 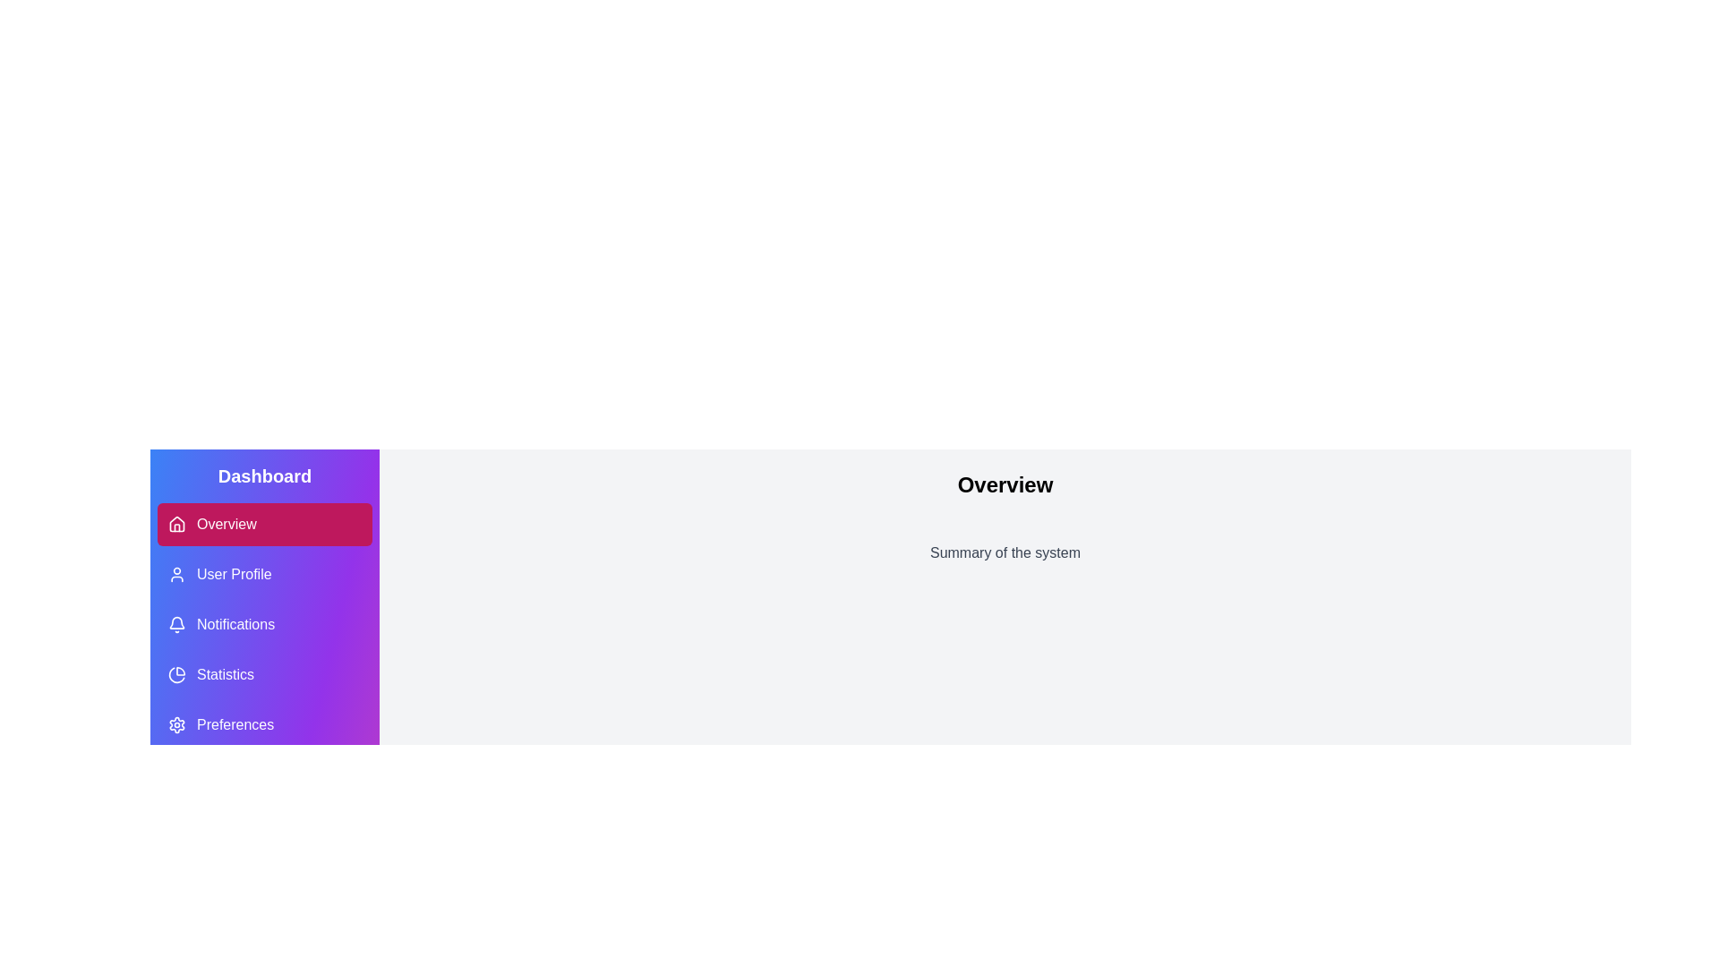 I want to click on the 'Notifications' menu item, which is the third item in the vertical menu under 'Dashboard' with a vibrant purple gradient background, so click(x=264, y=624).